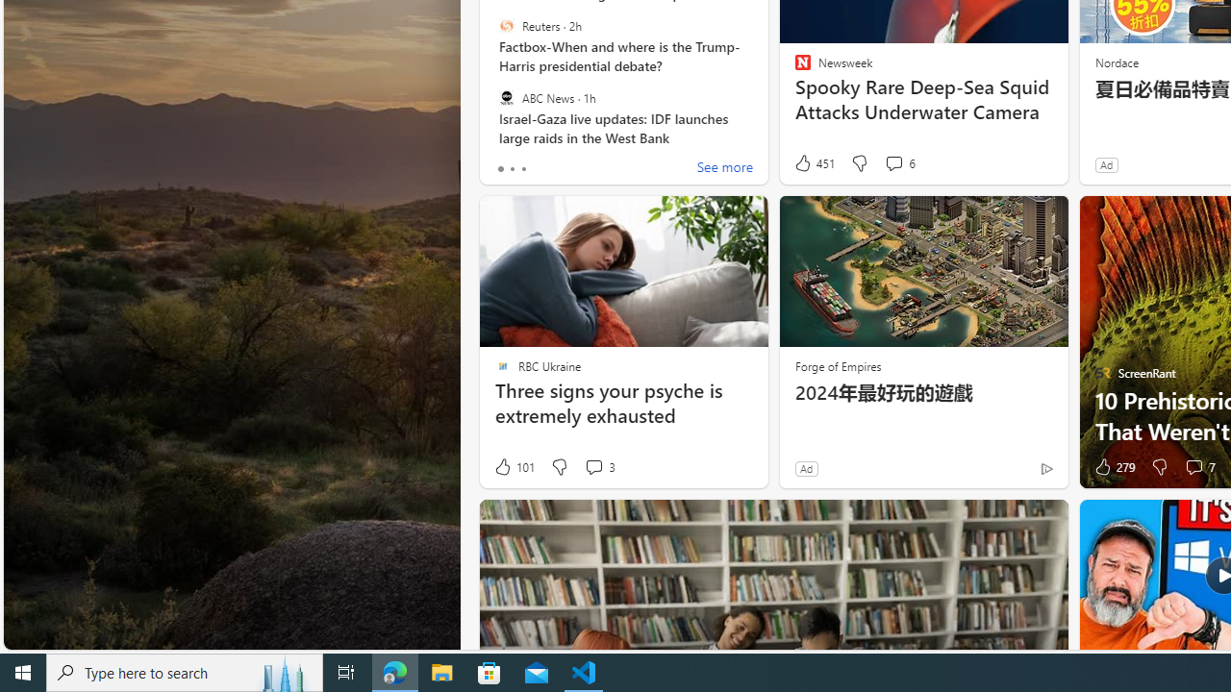 The height and width of the screenshot is (692, 1231). Describe the element at coordinates (506, 26) in the screenshot. I see `'Reuters'` at that location.